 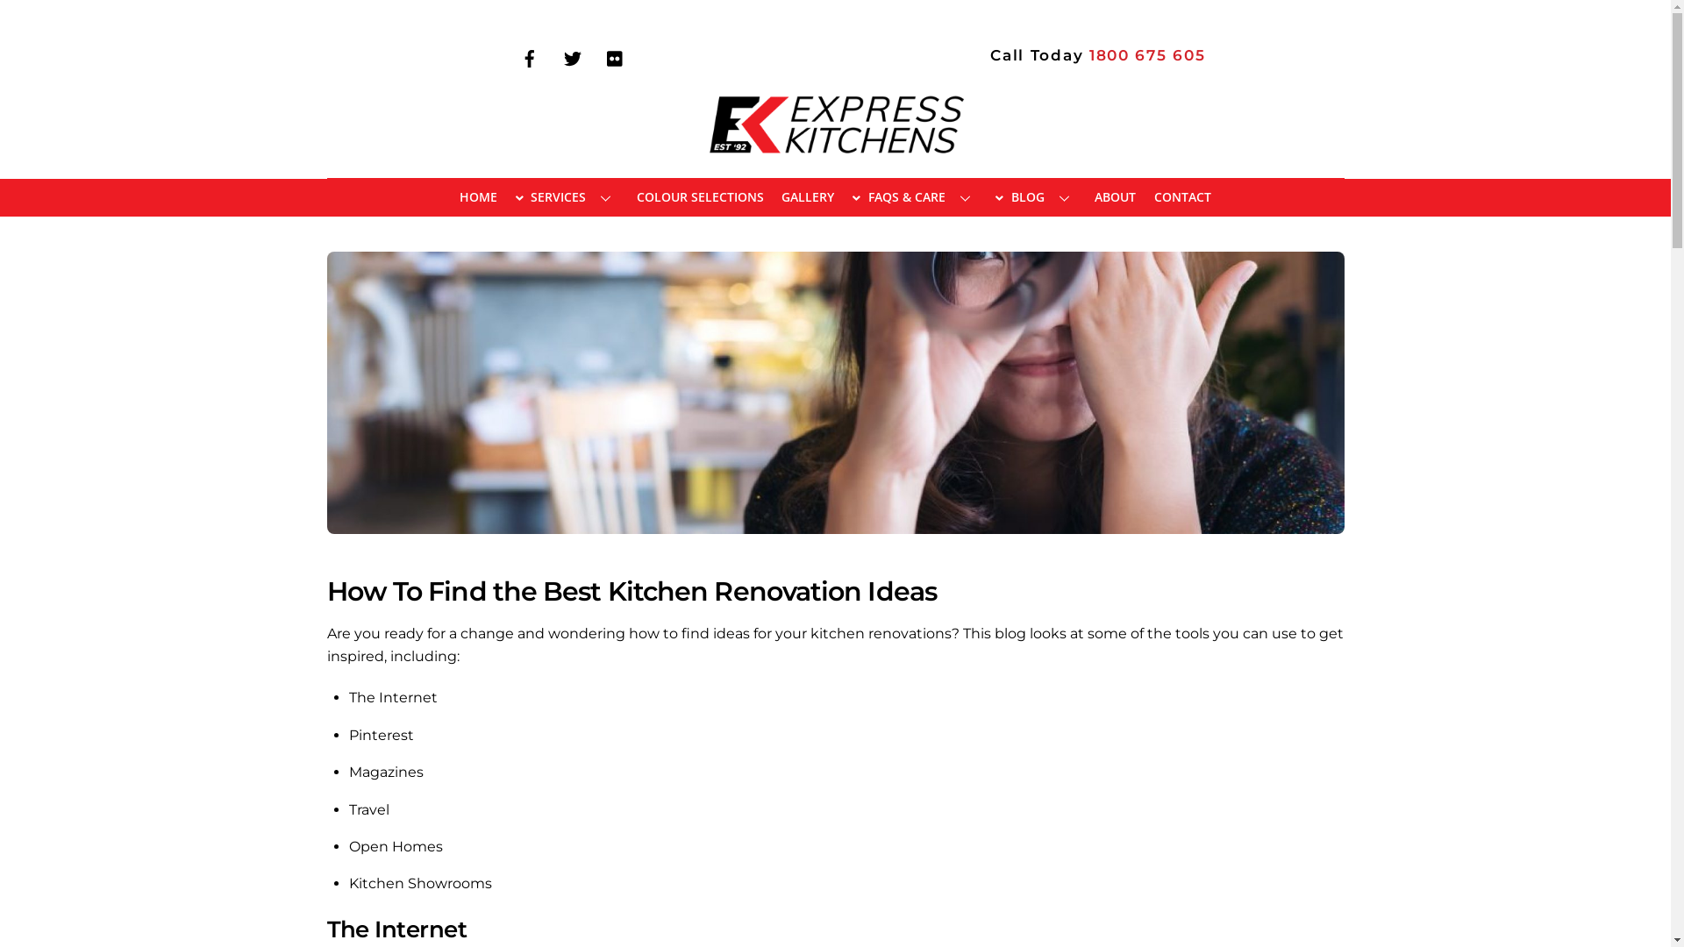 What do you see at coordinates (1036, 196) in the screenshot?
I see `'BLOG'` at bounding box center [1036, 196].